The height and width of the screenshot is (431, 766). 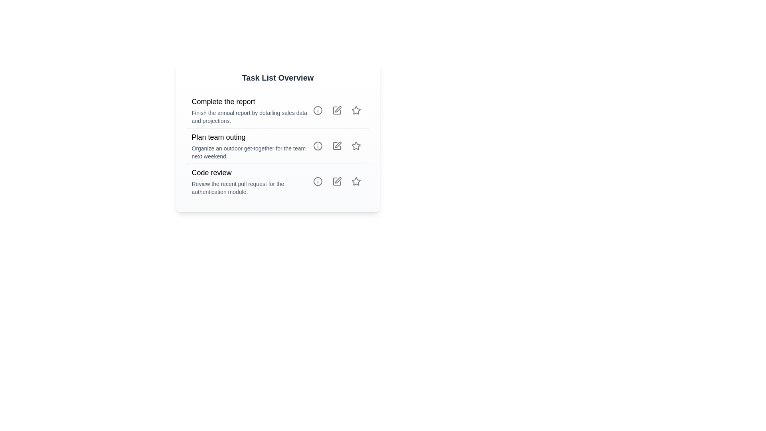 I want to click on the circular green button with a square and pen icon, located to the right of the 'Complete the report' task, so click(x=337, y=111).